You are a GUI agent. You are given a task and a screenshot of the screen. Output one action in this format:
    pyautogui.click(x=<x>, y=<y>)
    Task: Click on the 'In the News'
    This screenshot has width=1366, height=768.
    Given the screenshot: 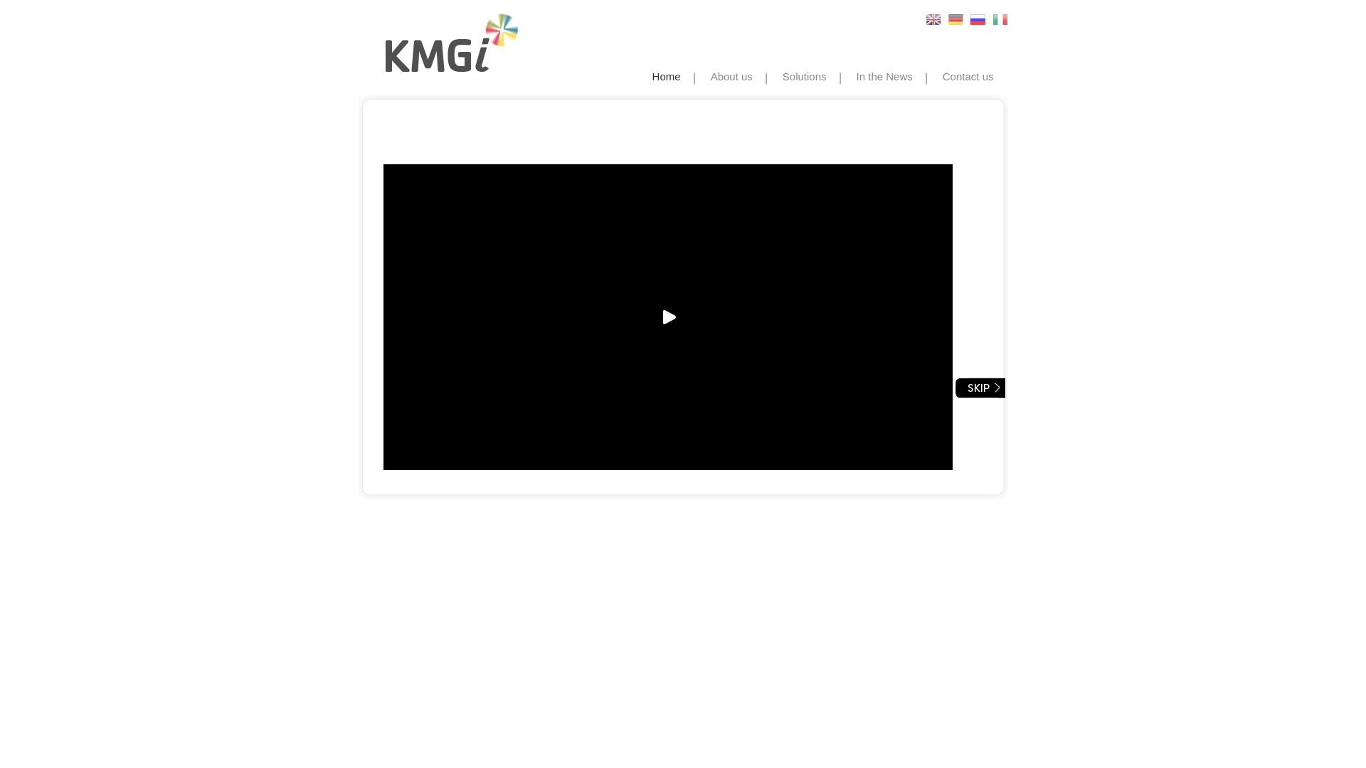 What is the action you would take?
    pyautogui.click(x=884, y=76)
    